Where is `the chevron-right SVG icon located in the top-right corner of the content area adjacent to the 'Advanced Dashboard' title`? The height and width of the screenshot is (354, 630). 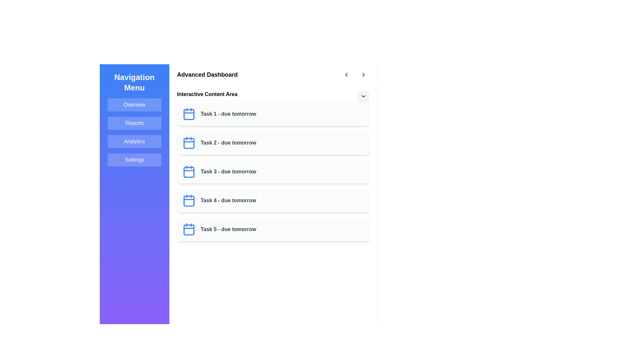 the chevron-right SVG icon located in the top-right corner of the content area adjacent to the 'Advanced Dashboard' title is located at coordinates (363, 74).